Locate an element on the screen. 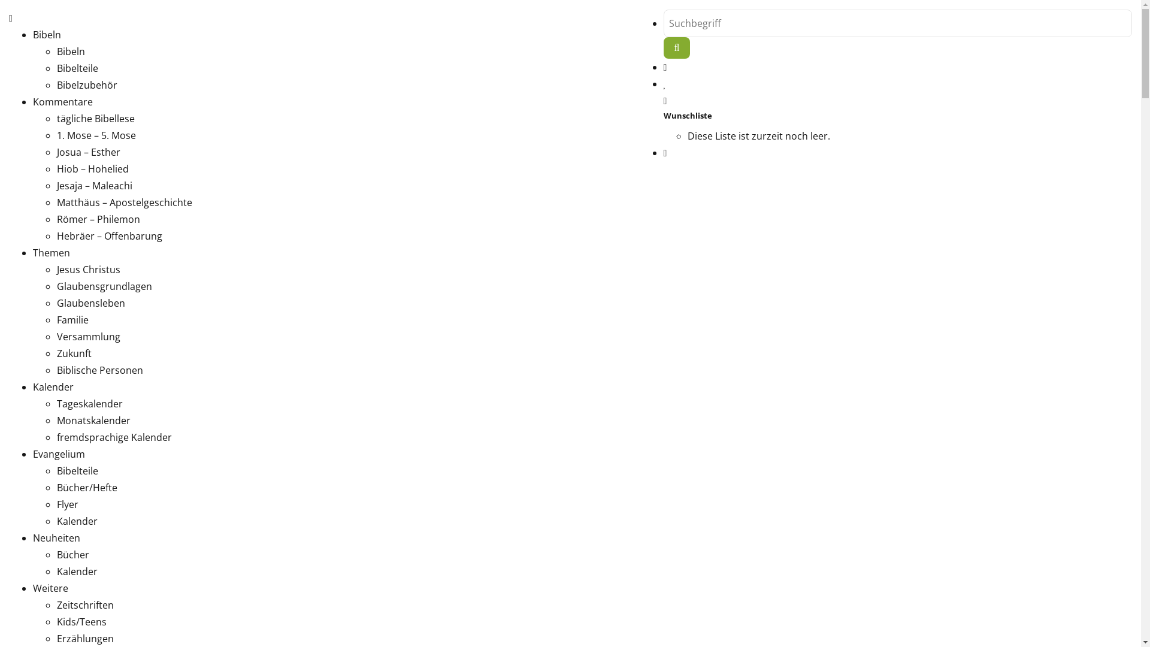 This screenshot has height=647, width=1150. 'Glaubensgrundlagen' is located at coordinates (104, 286).